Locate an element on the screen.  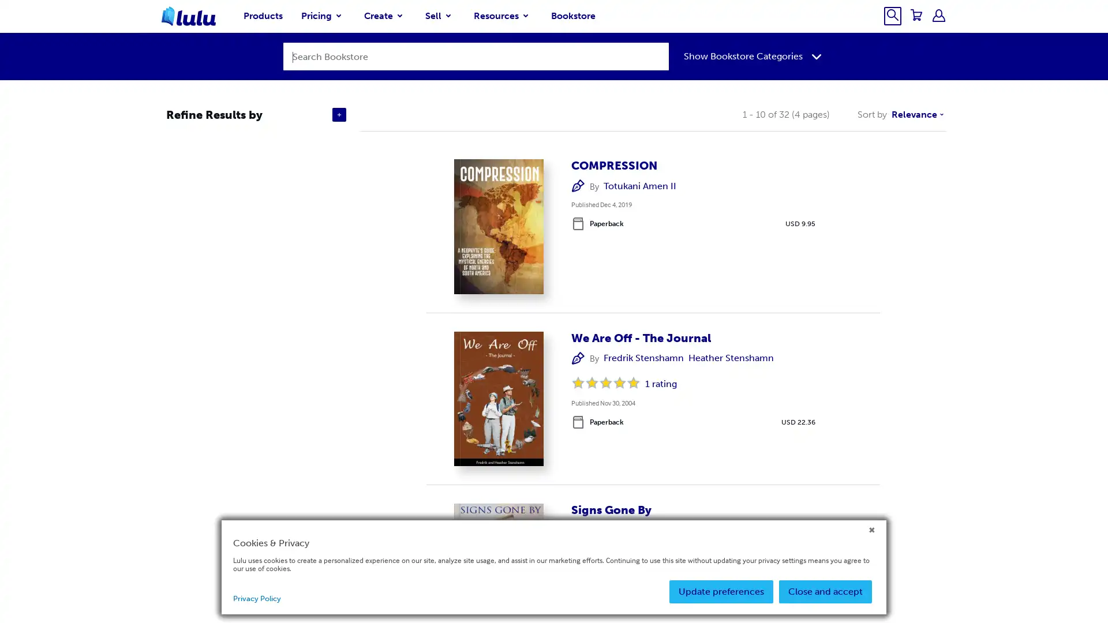
Choose 2 stars is located at coordinates (592, 382).